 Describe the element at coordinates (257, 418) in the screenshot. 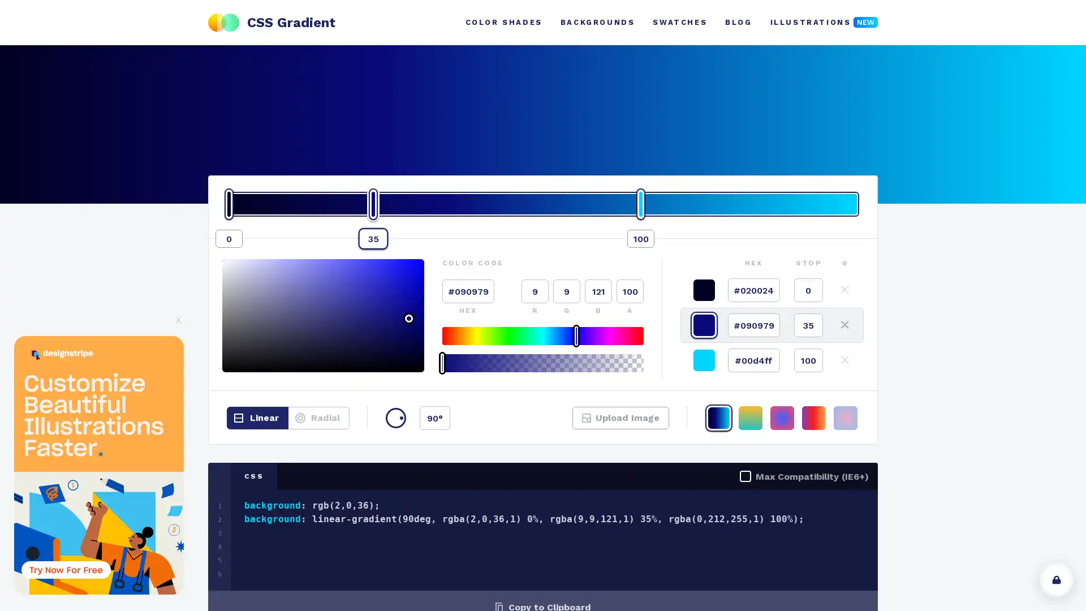

I see `Linear` at that location.